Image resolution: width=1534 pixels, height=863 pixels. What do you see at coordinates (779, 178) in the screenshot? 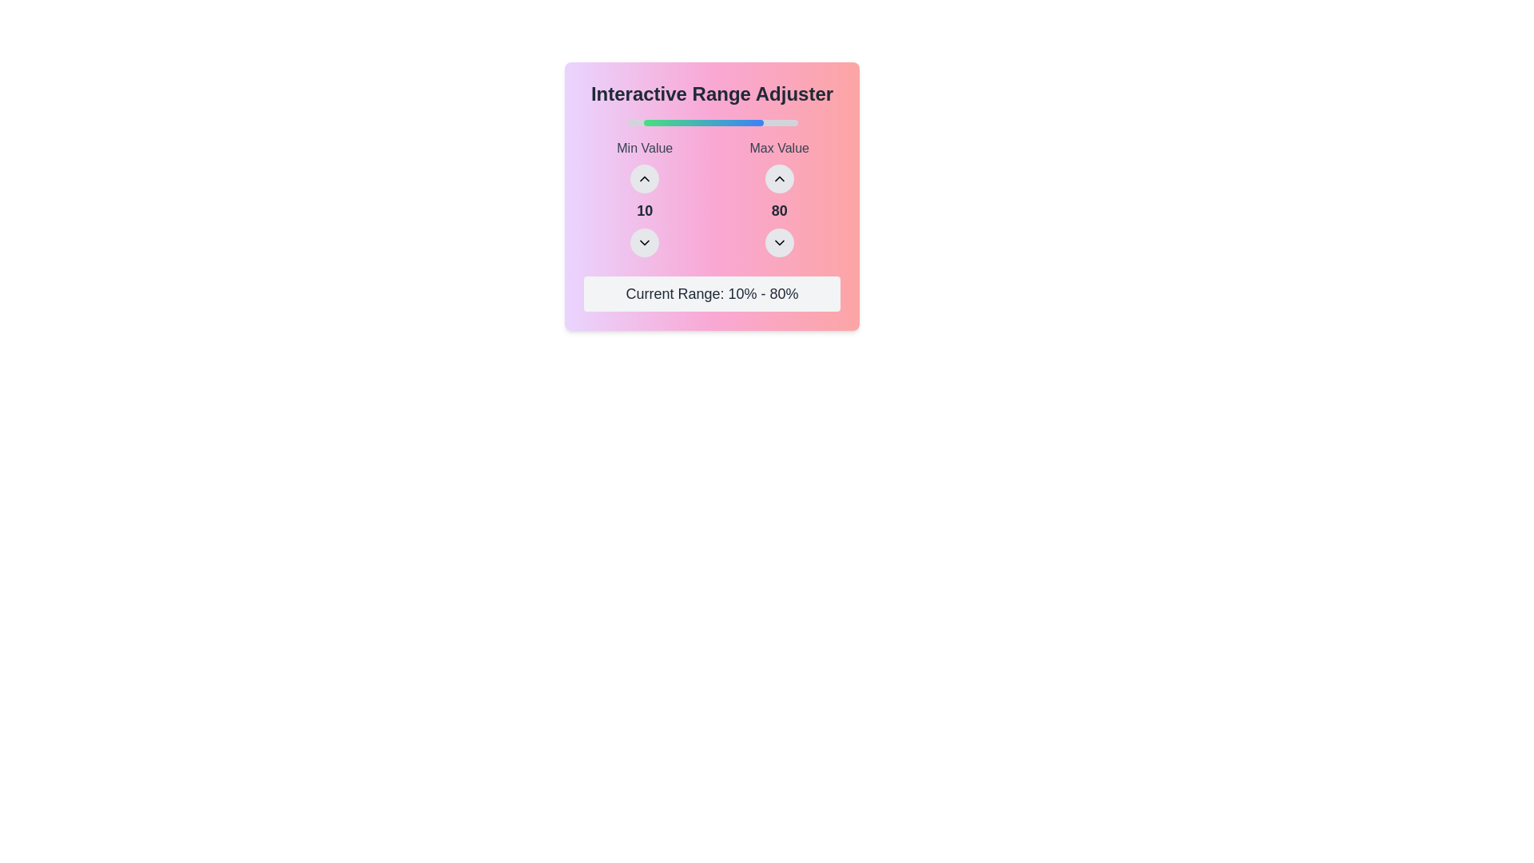
I see `the upward-pointing chevron icon button located above the numeric value '80' in the Max Value selector of the range control dialog to increment the value` at bounding box center [779, 178].